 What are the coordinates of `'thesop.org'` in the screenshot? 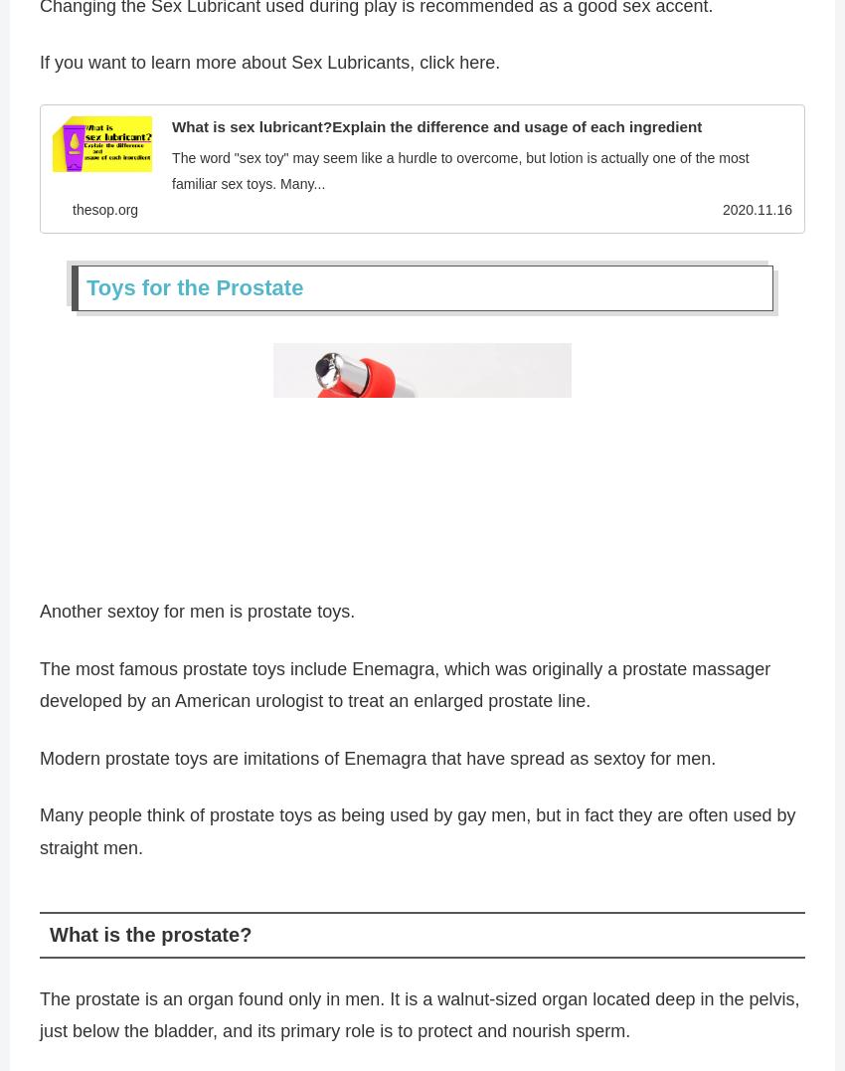 It's located at (103, 215).